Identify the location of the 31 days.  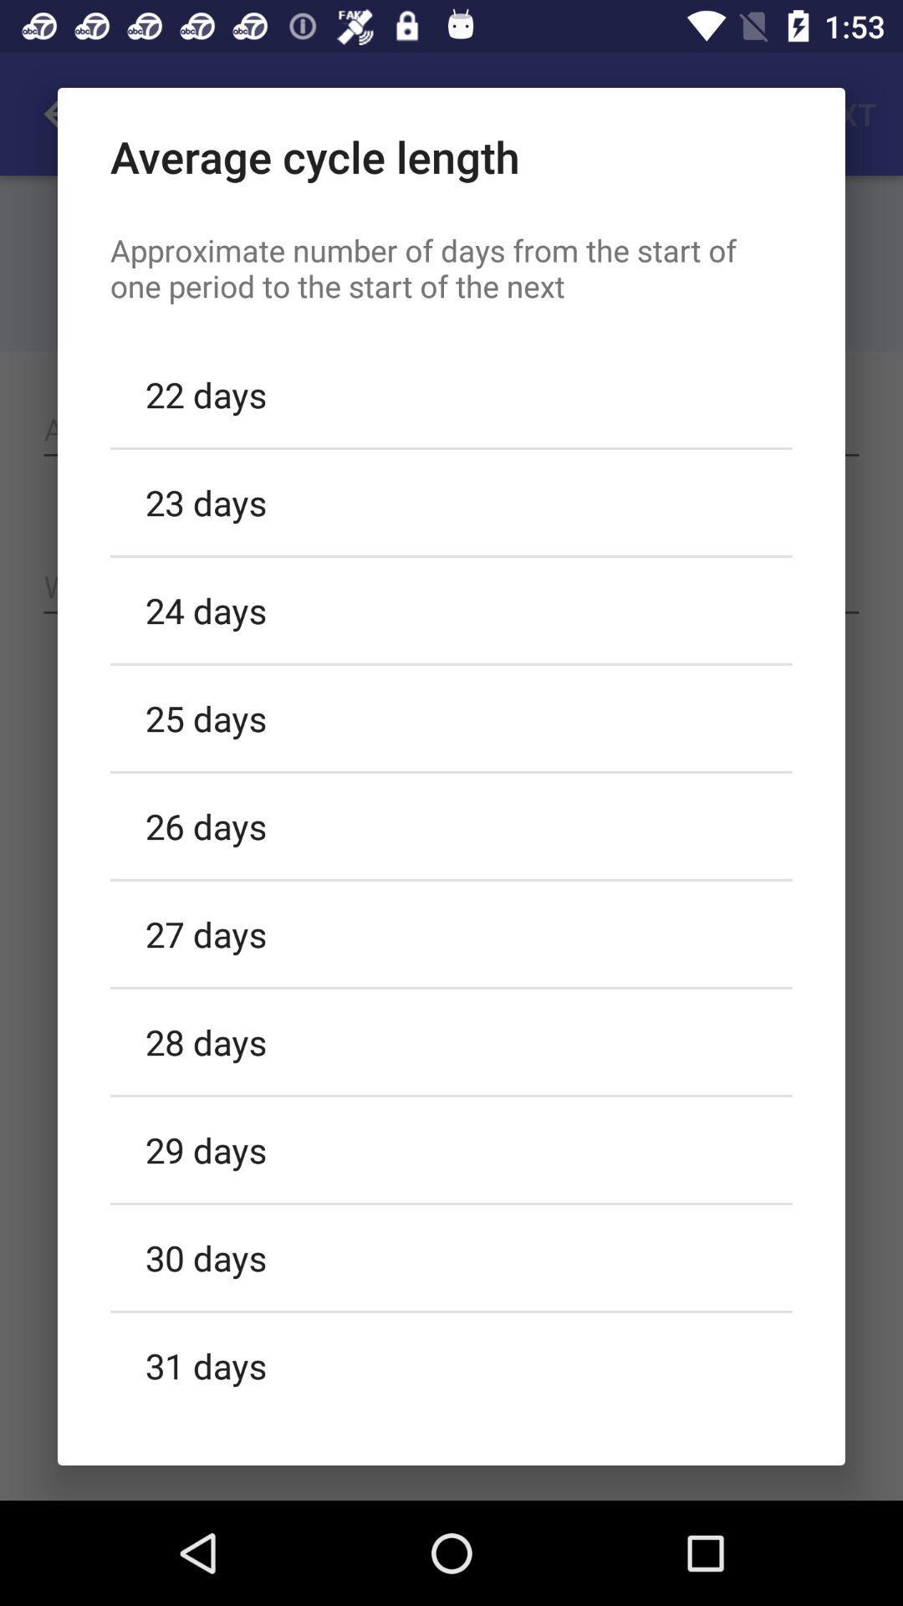
(451, 1363).